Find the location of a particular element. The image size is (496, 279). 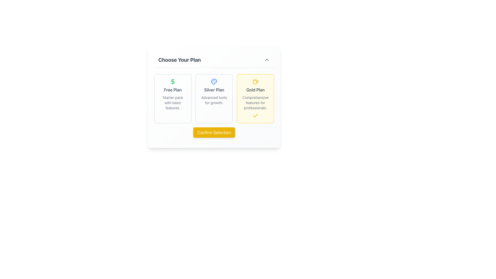

the text label reading 'Gold Plan', which is styled in gray and located in the third plan card with a yellow background is located at coordinates (255, 89).